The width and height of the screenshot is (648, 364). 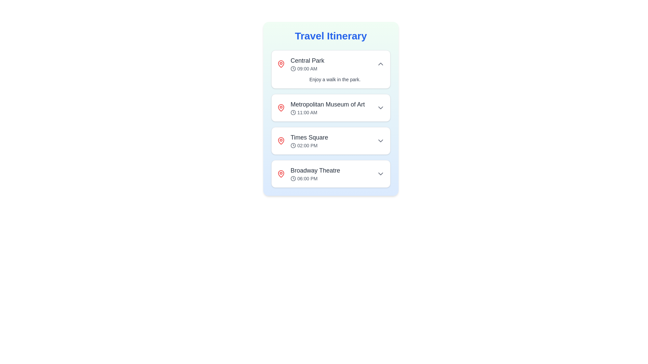 What do you see at coordinates (309, 137) in the screenshot?
I see `displayed text 'Times Square' from the bold text label in the Travel Itinerary list, specifically located in the third list item` at bounding box center [309, 137].